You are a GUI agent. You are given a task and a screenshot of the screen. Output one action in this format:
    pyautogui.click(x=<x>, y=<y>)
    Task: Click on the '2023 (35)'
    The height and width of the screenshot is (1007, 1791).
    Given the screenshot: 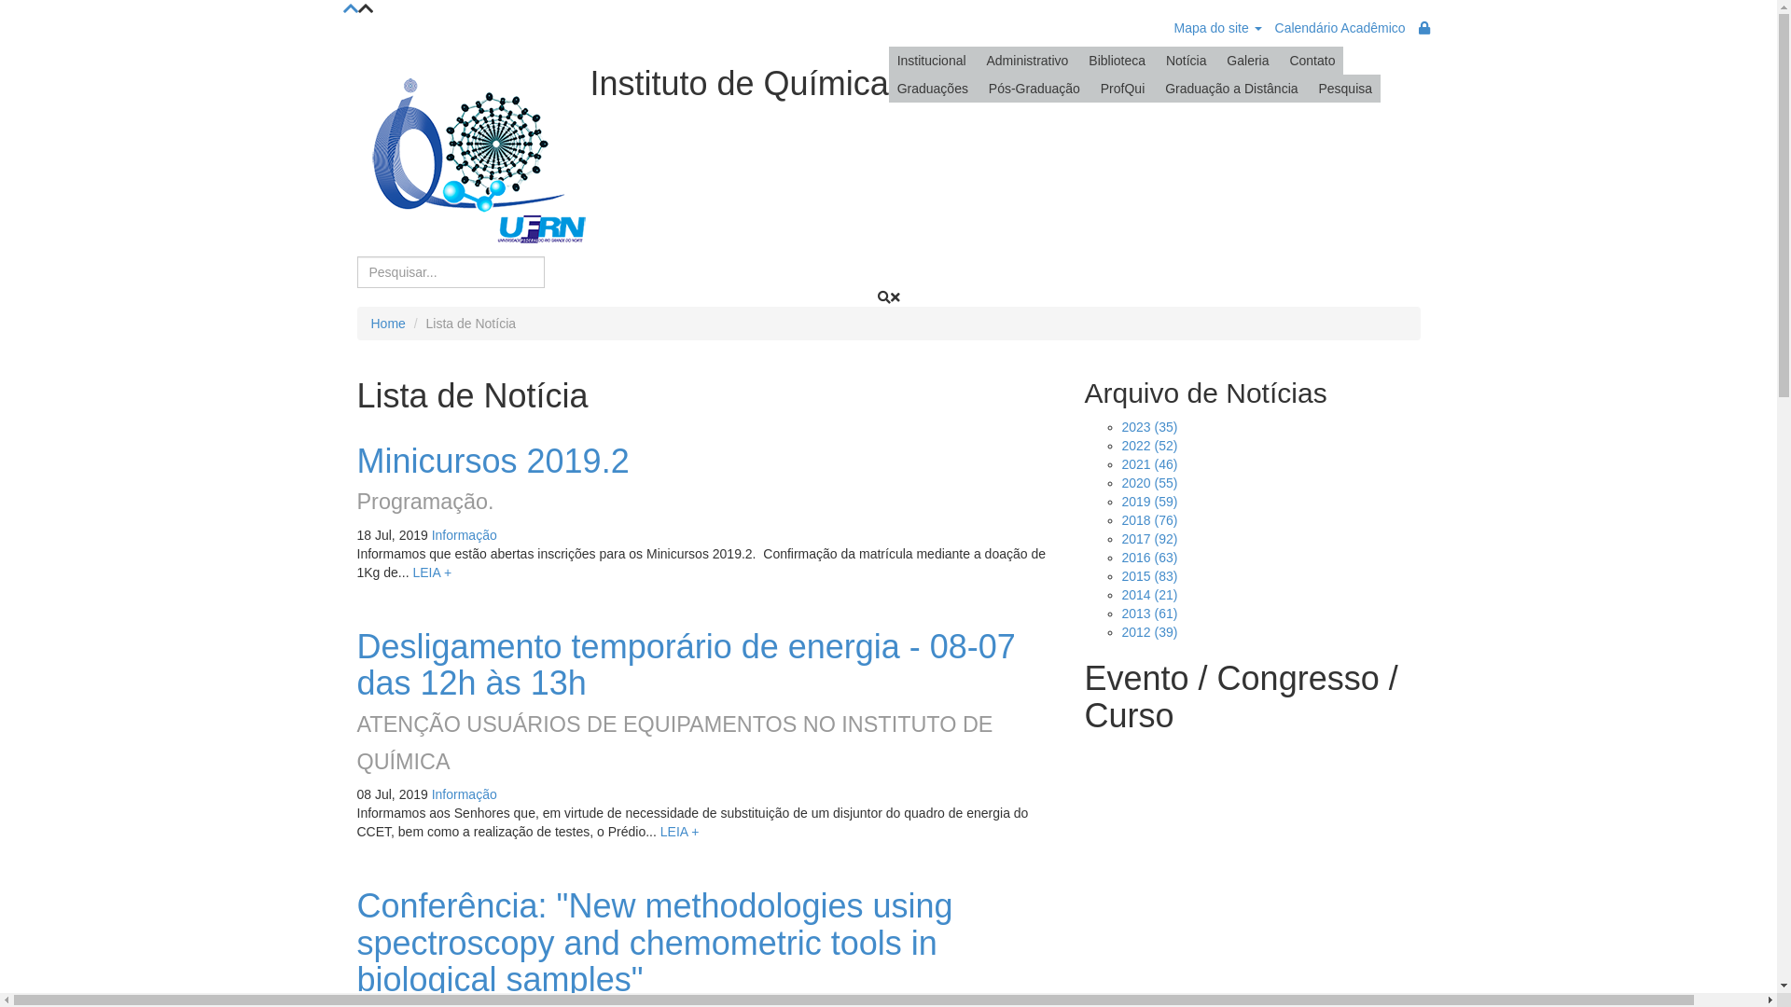 What is the action you would take?
    pyautogui.click(x=1148, y=427)
    